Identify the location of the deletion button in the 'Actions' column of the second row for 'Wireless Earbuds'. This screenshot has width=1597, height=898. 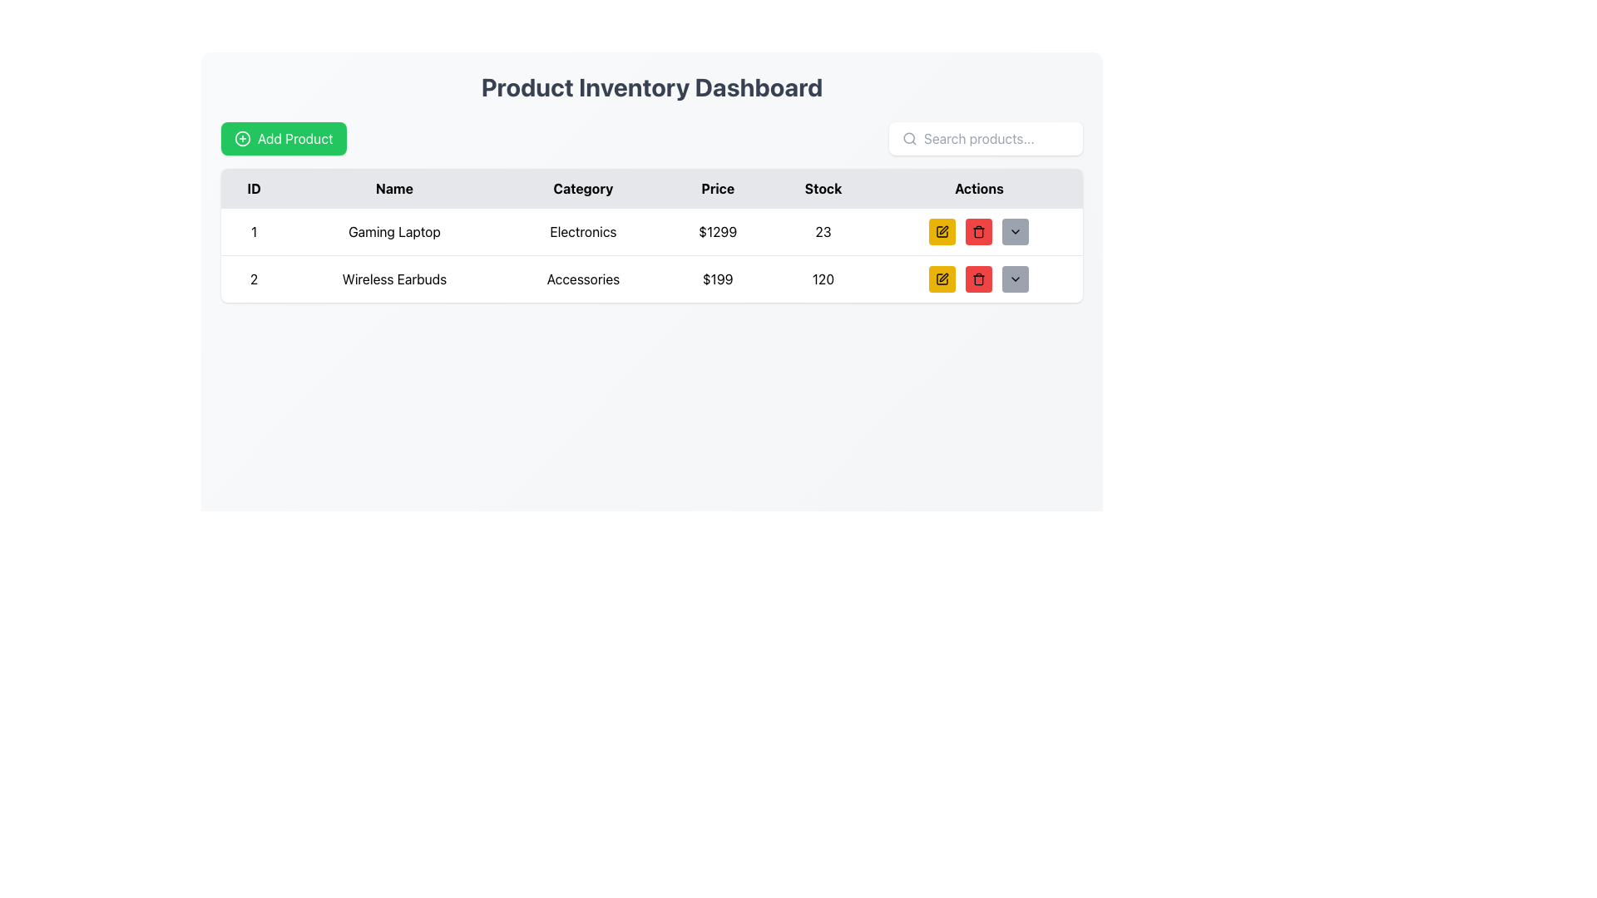
(979, 278).